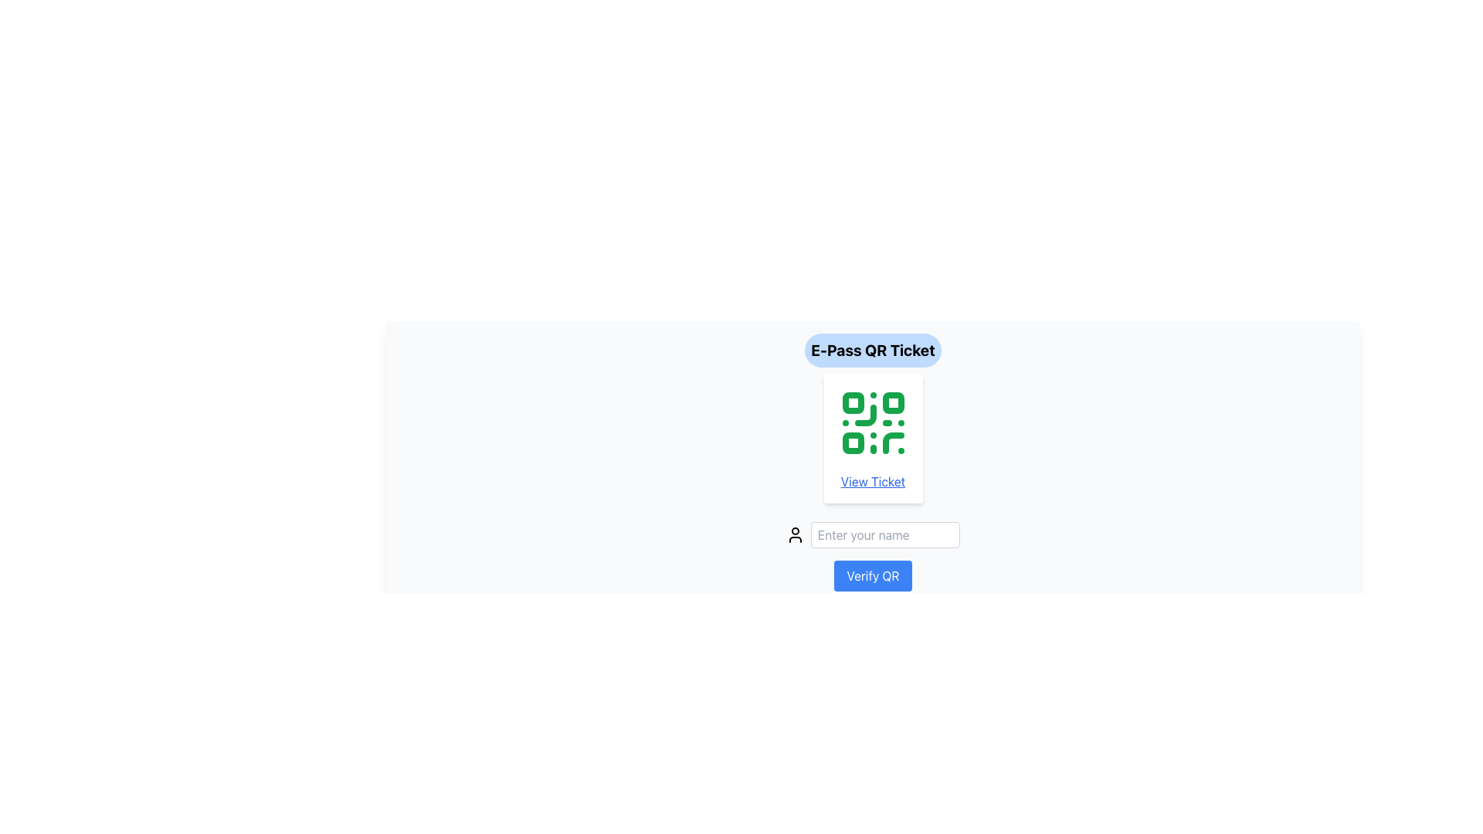  Describe the element at coordinates (885, 534) in the screenshot. I see `the text input field with gray border styling and placeholder text 'Enter your name' to focus on it` at that location.